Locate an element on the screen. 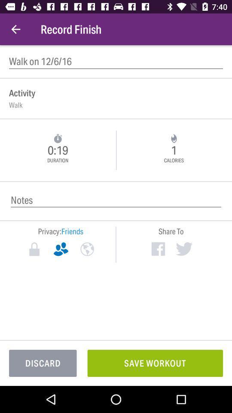 This screenshot has width=232, height=413. the group icon is located at coordinates (60, 249).